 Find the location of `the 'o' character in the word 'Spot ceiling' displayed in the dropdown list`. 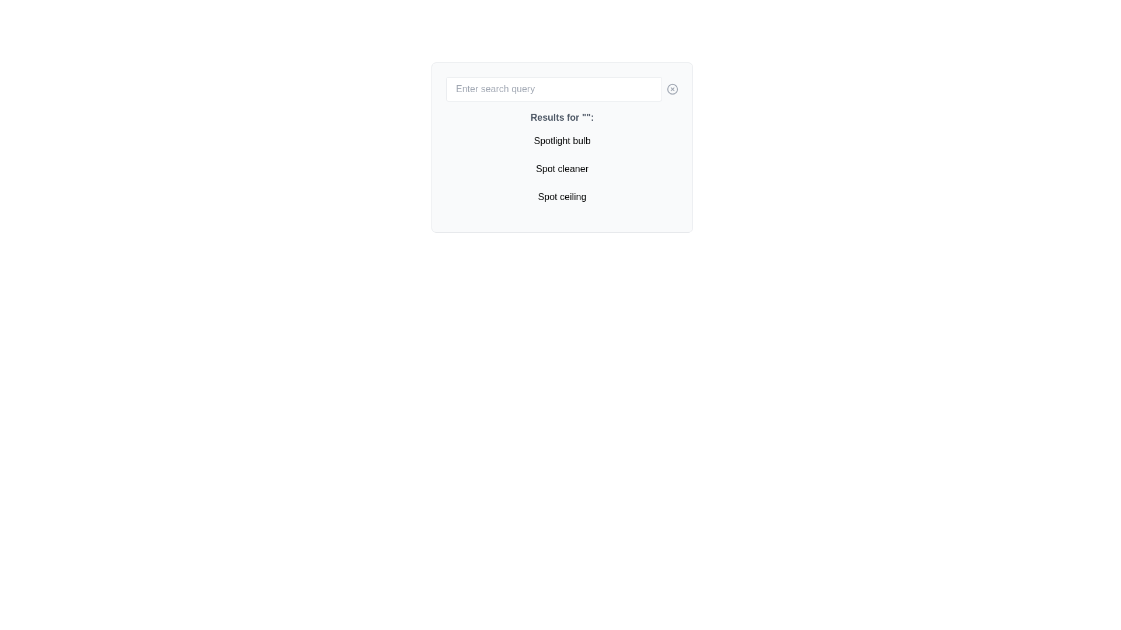

the 'o' character in the word 'Spot ceiling' displayed in the dropdown list is located at coordinates (551, 196).